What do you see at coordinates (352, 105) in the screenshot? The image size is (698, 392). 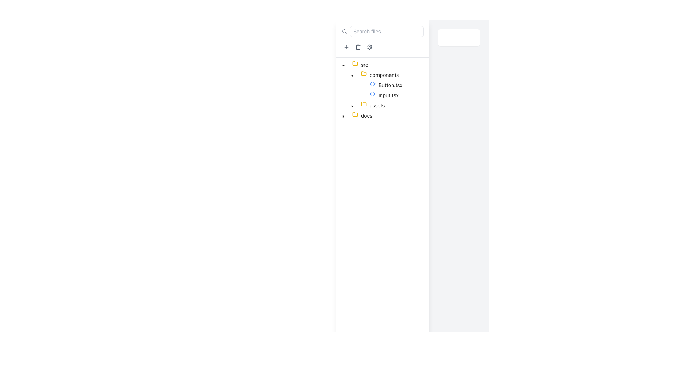 I see `the small triangle button next to the 'assets' folder` at bounding box center [352, 105].